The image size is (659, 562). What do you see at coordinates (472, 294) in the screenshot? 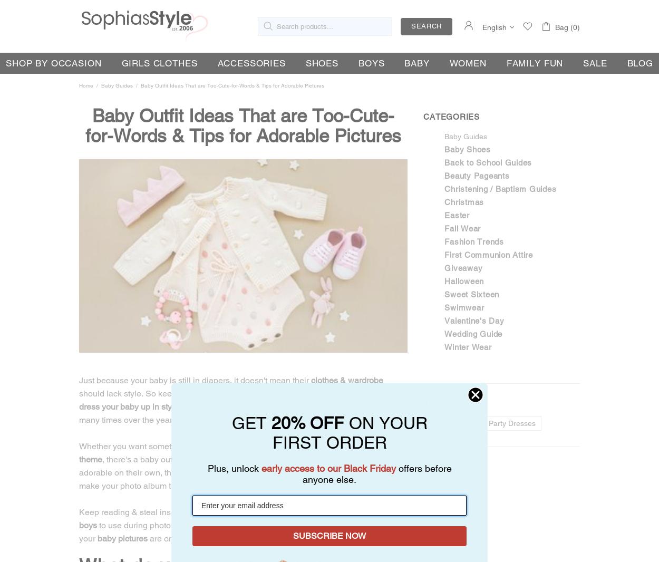
I see `'Sweet Sixteen'` at bounding box center [472, 294].